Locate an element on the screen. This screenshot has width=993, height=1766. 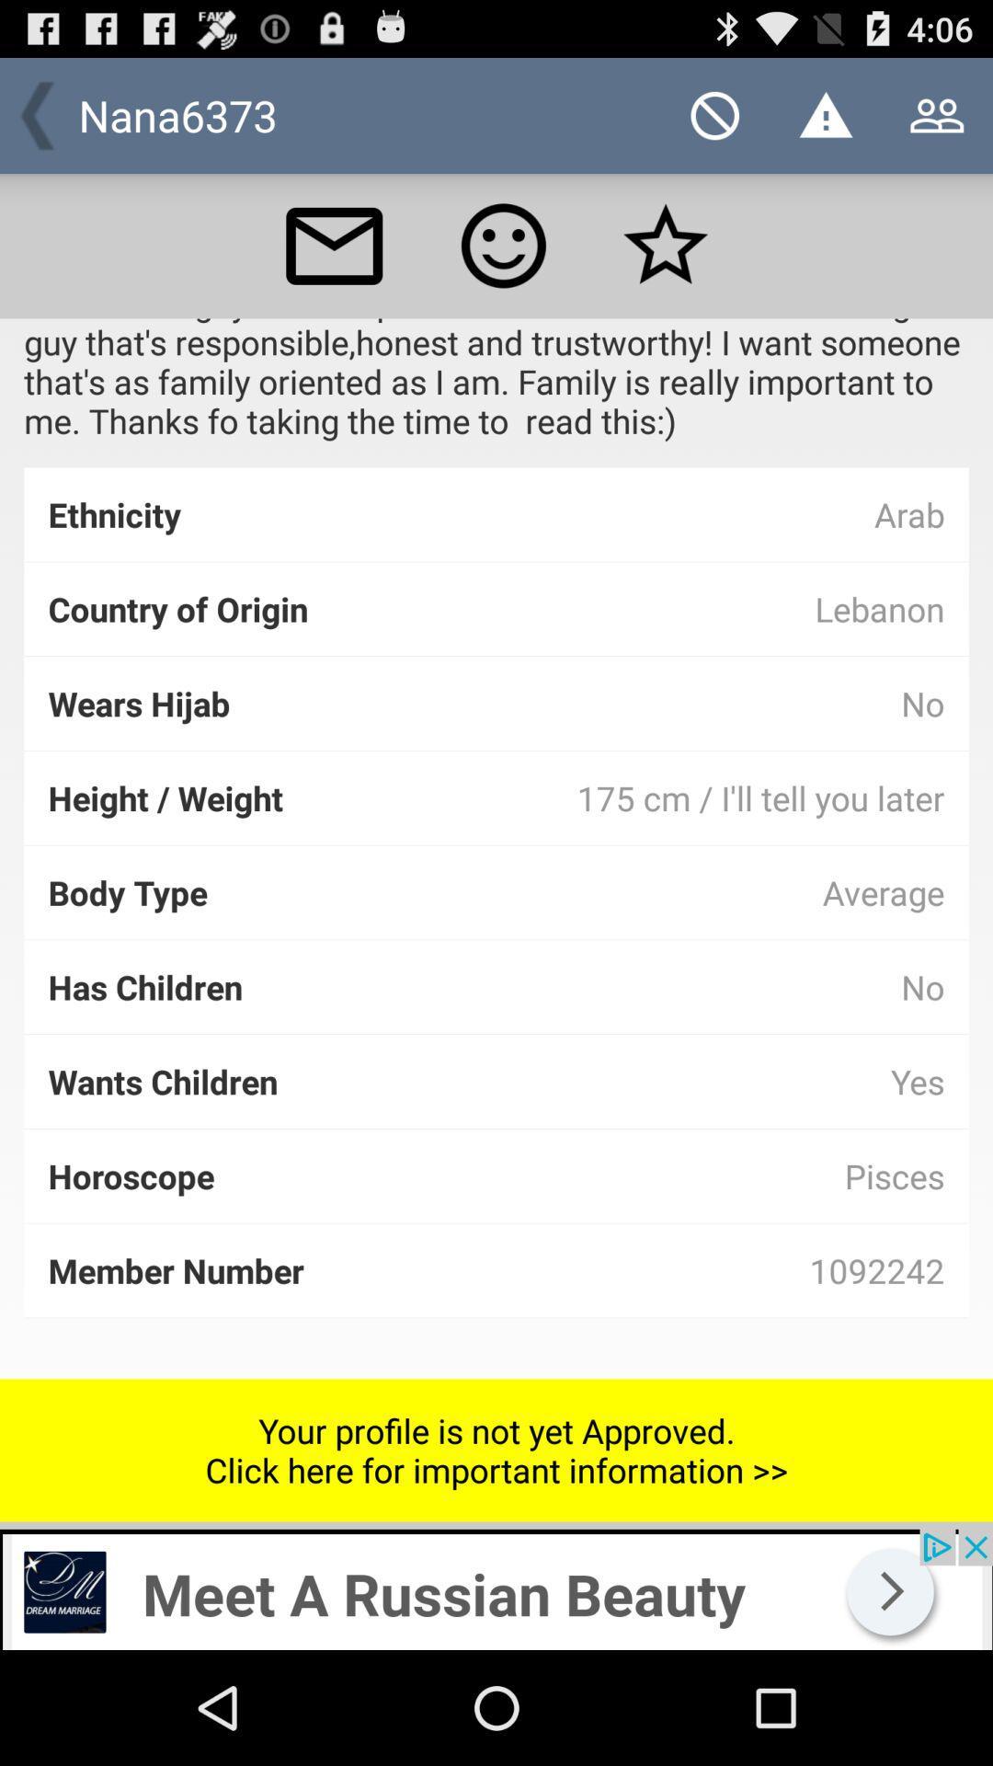
inbox or messages is located at coordinates (334, 245).